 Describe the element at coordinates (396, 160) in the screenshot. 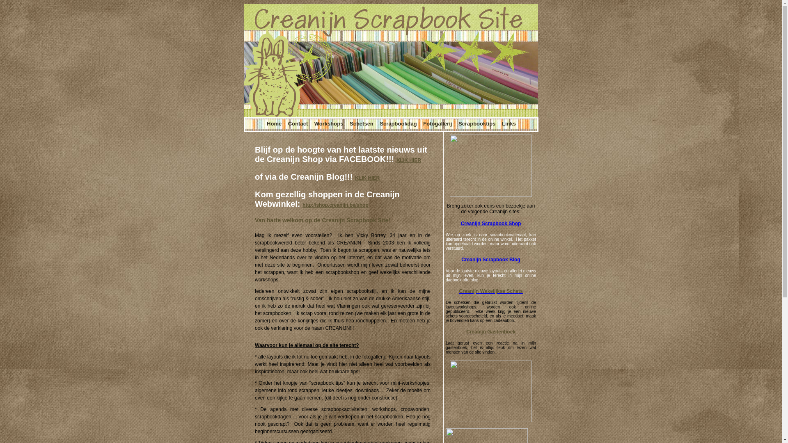

I see `'KLIK HIER'` at that location.